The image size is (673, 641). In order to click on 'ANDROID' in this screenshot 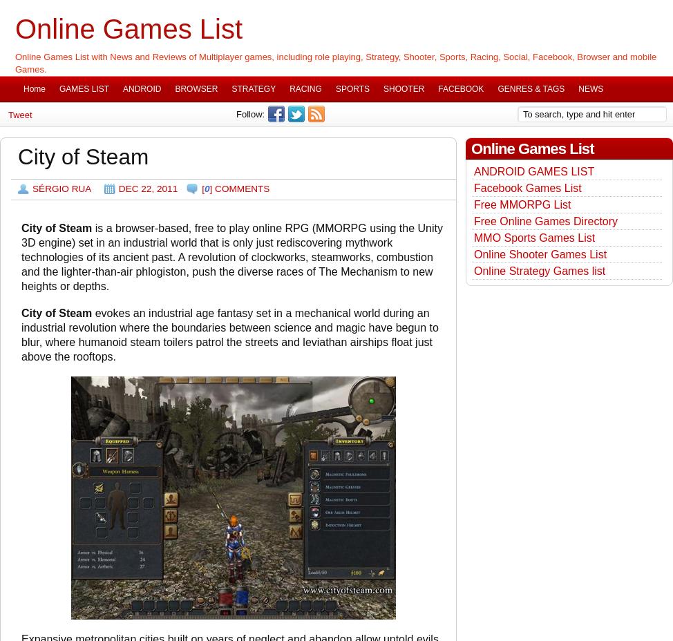, I will do `click(142, 88)`.